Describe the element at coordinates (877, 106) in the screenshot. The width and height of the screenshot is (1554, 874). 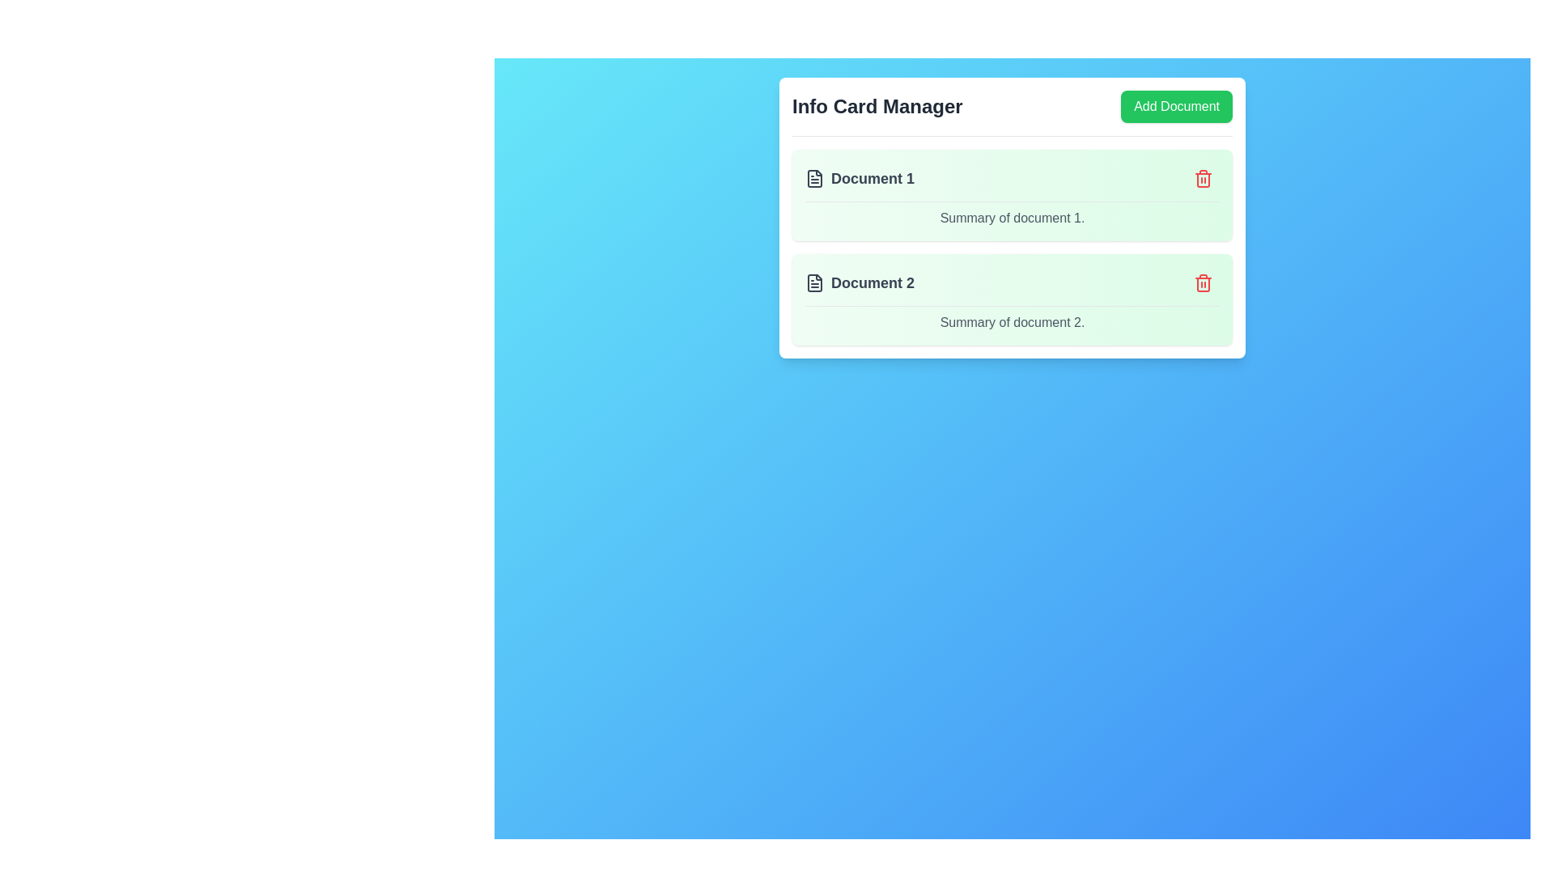
I see `text component displaying 'Info Card Manager', which is positioned in the upper-left corner of the card interface, above the 'Add Document' button` at that location.